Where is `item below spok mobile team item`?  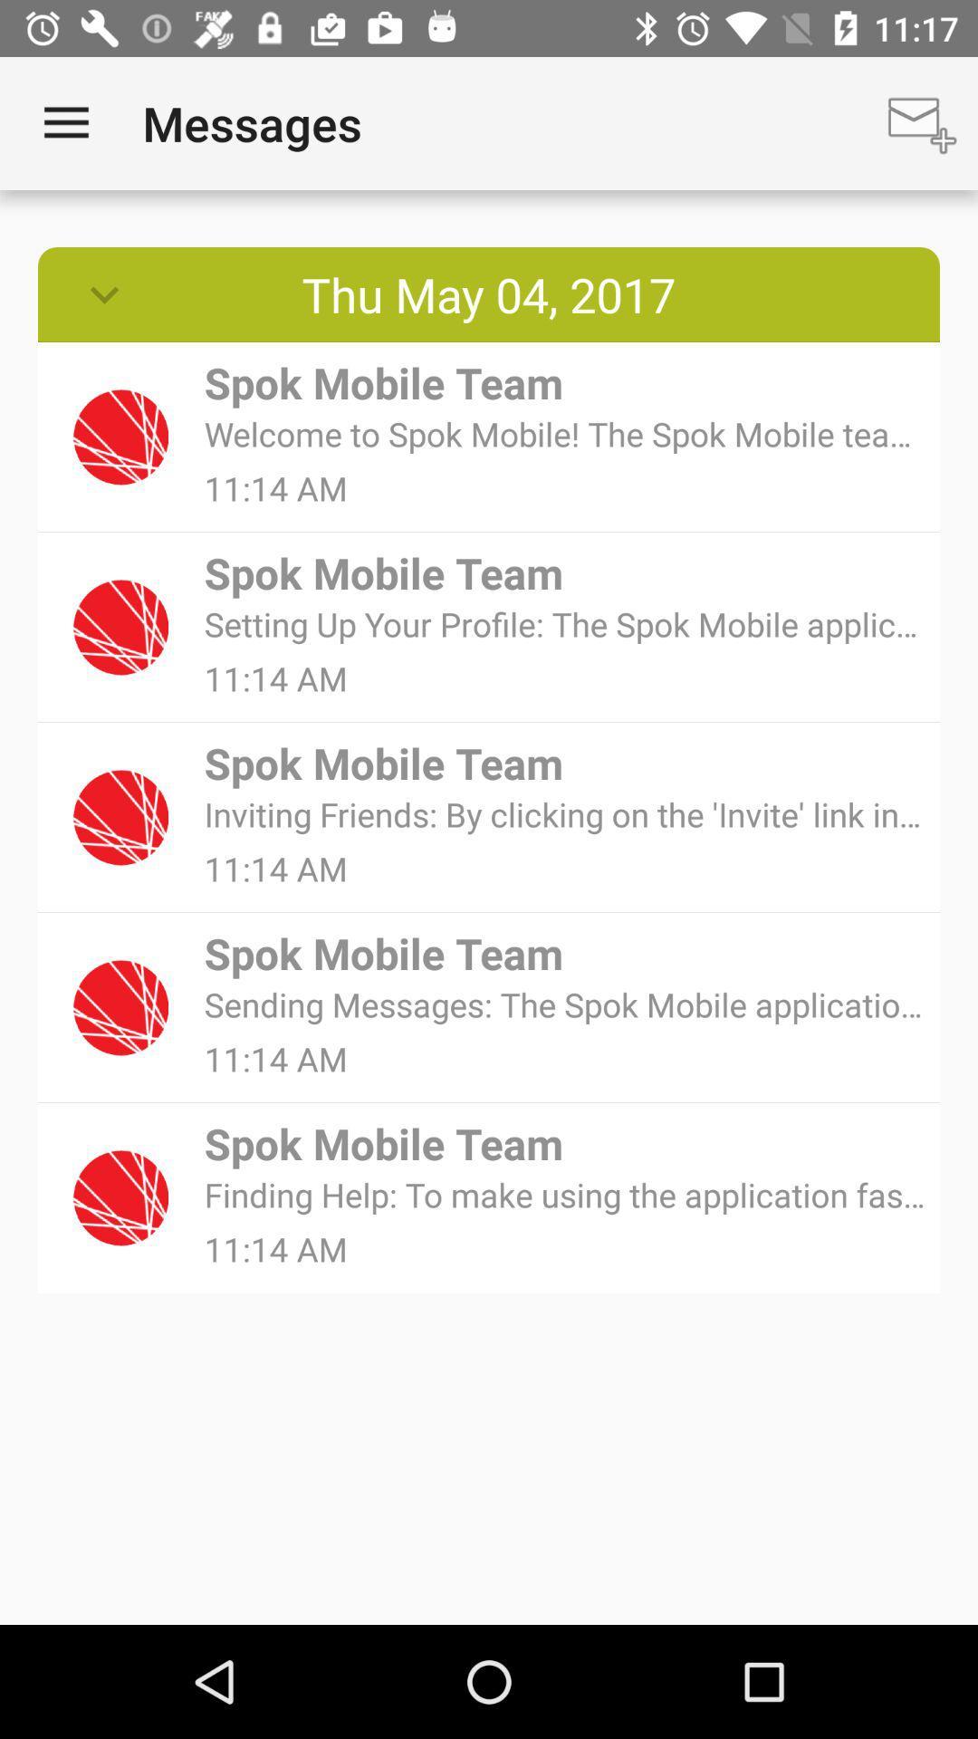 item below spok mobile team item is located at coordinates (565, 1004).